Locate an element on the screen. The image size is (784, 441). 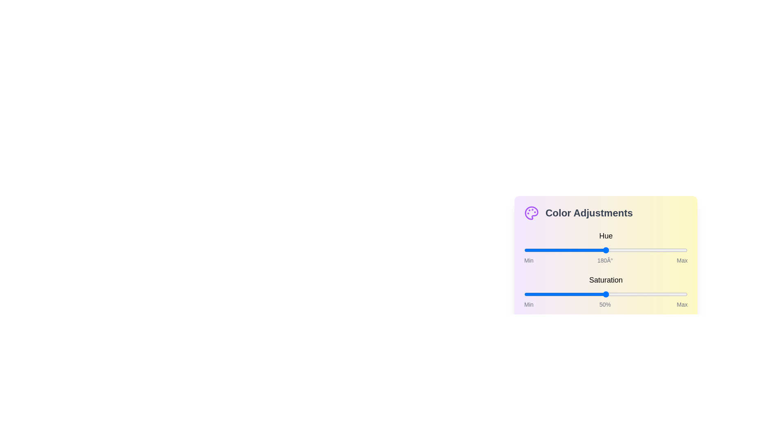
the hue slider to 95 degrees is located at coordinates (567, 250).